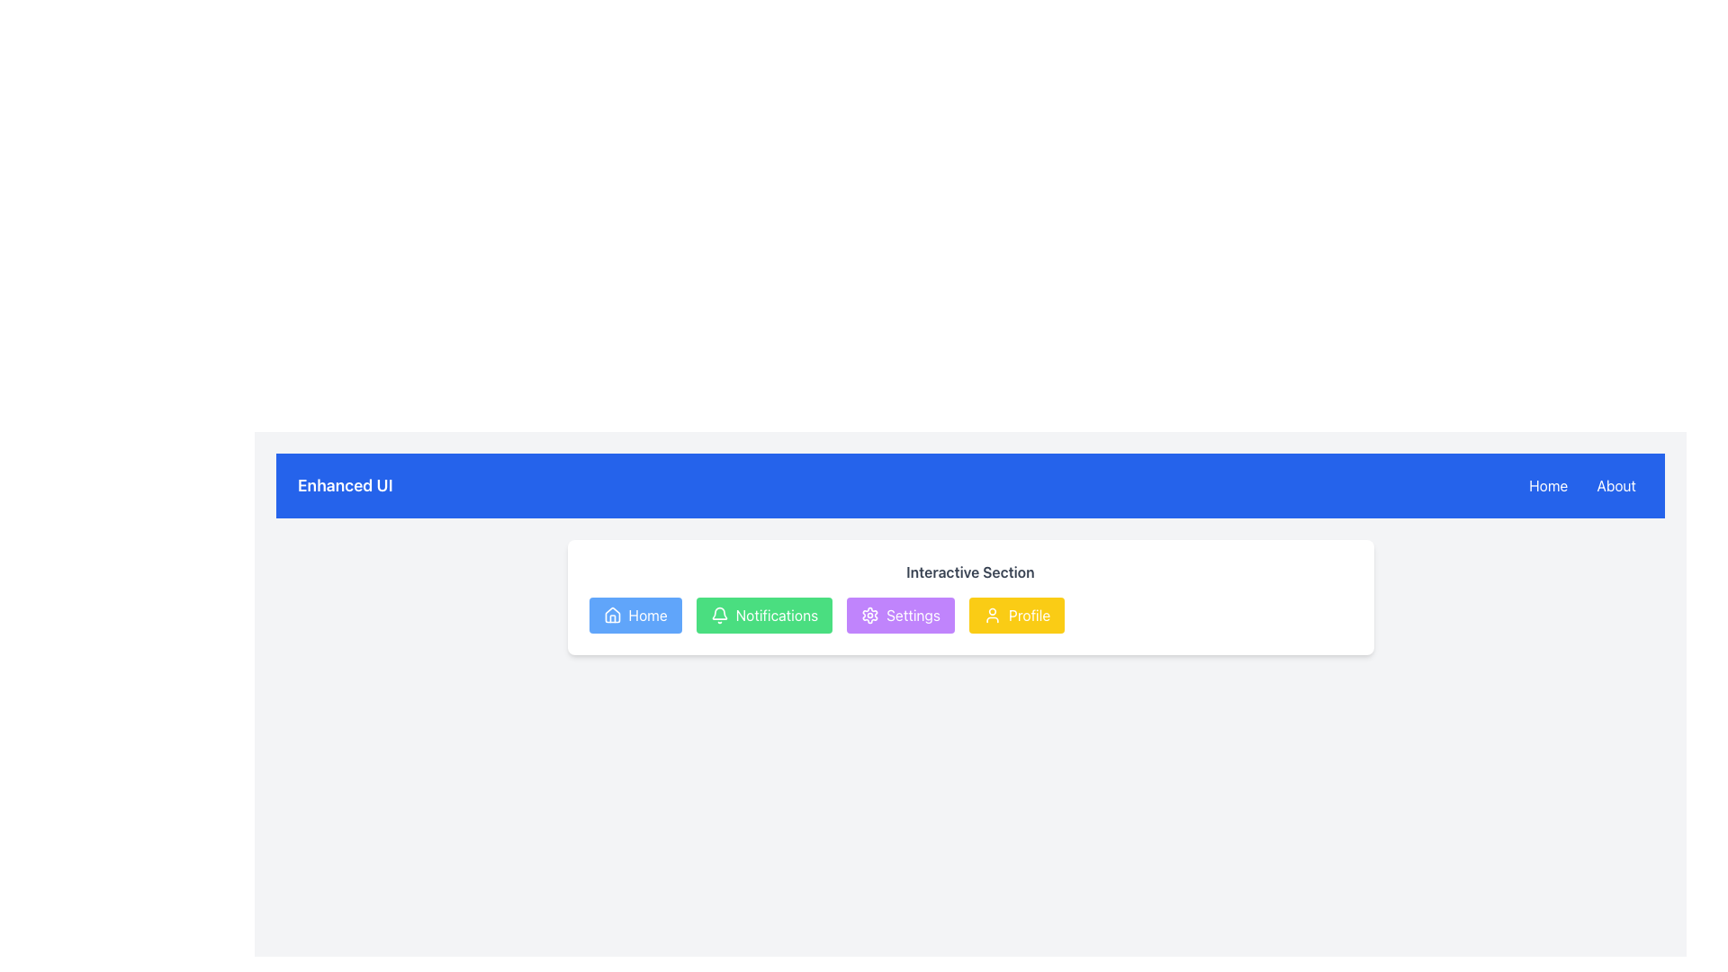 This screenshot has width=1728, height=972. I want to click on the cog or gear icon that represents the settings function, located within the purple 'Settings' button, so click(870, 614).